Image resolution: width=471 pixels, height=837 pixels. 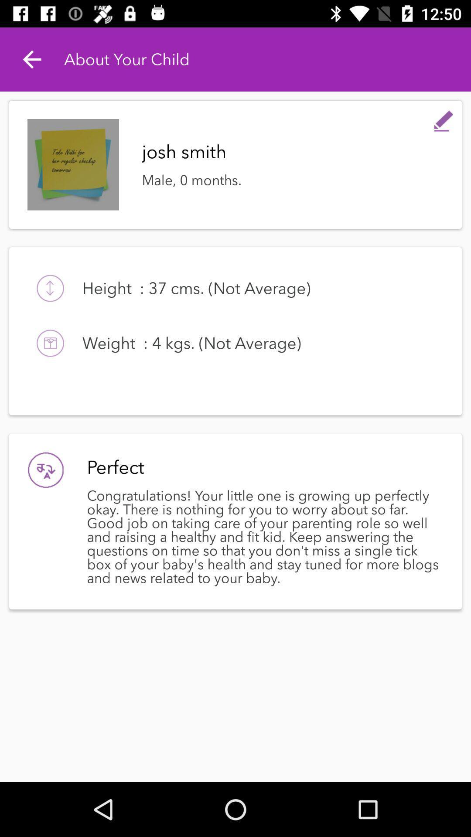 What do you see at coordinates (262, 467) in the screenshot?
I see `the perfect` at bounding box center [262, 467].